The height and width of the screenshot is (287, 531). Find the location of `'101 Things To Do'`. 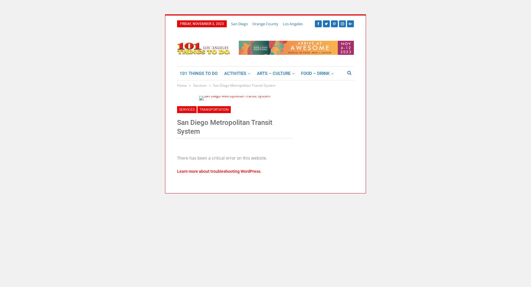

'101 Things To Do' is located at coordinates (199, 73).